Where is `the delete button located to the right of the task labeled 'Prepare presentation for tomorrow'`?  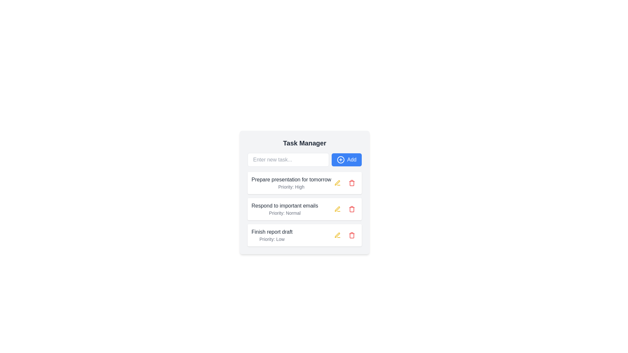
the delete button located to the right of the task labeled 'Prepare presentation for tomorrow' is located at coordinates (351, 183).